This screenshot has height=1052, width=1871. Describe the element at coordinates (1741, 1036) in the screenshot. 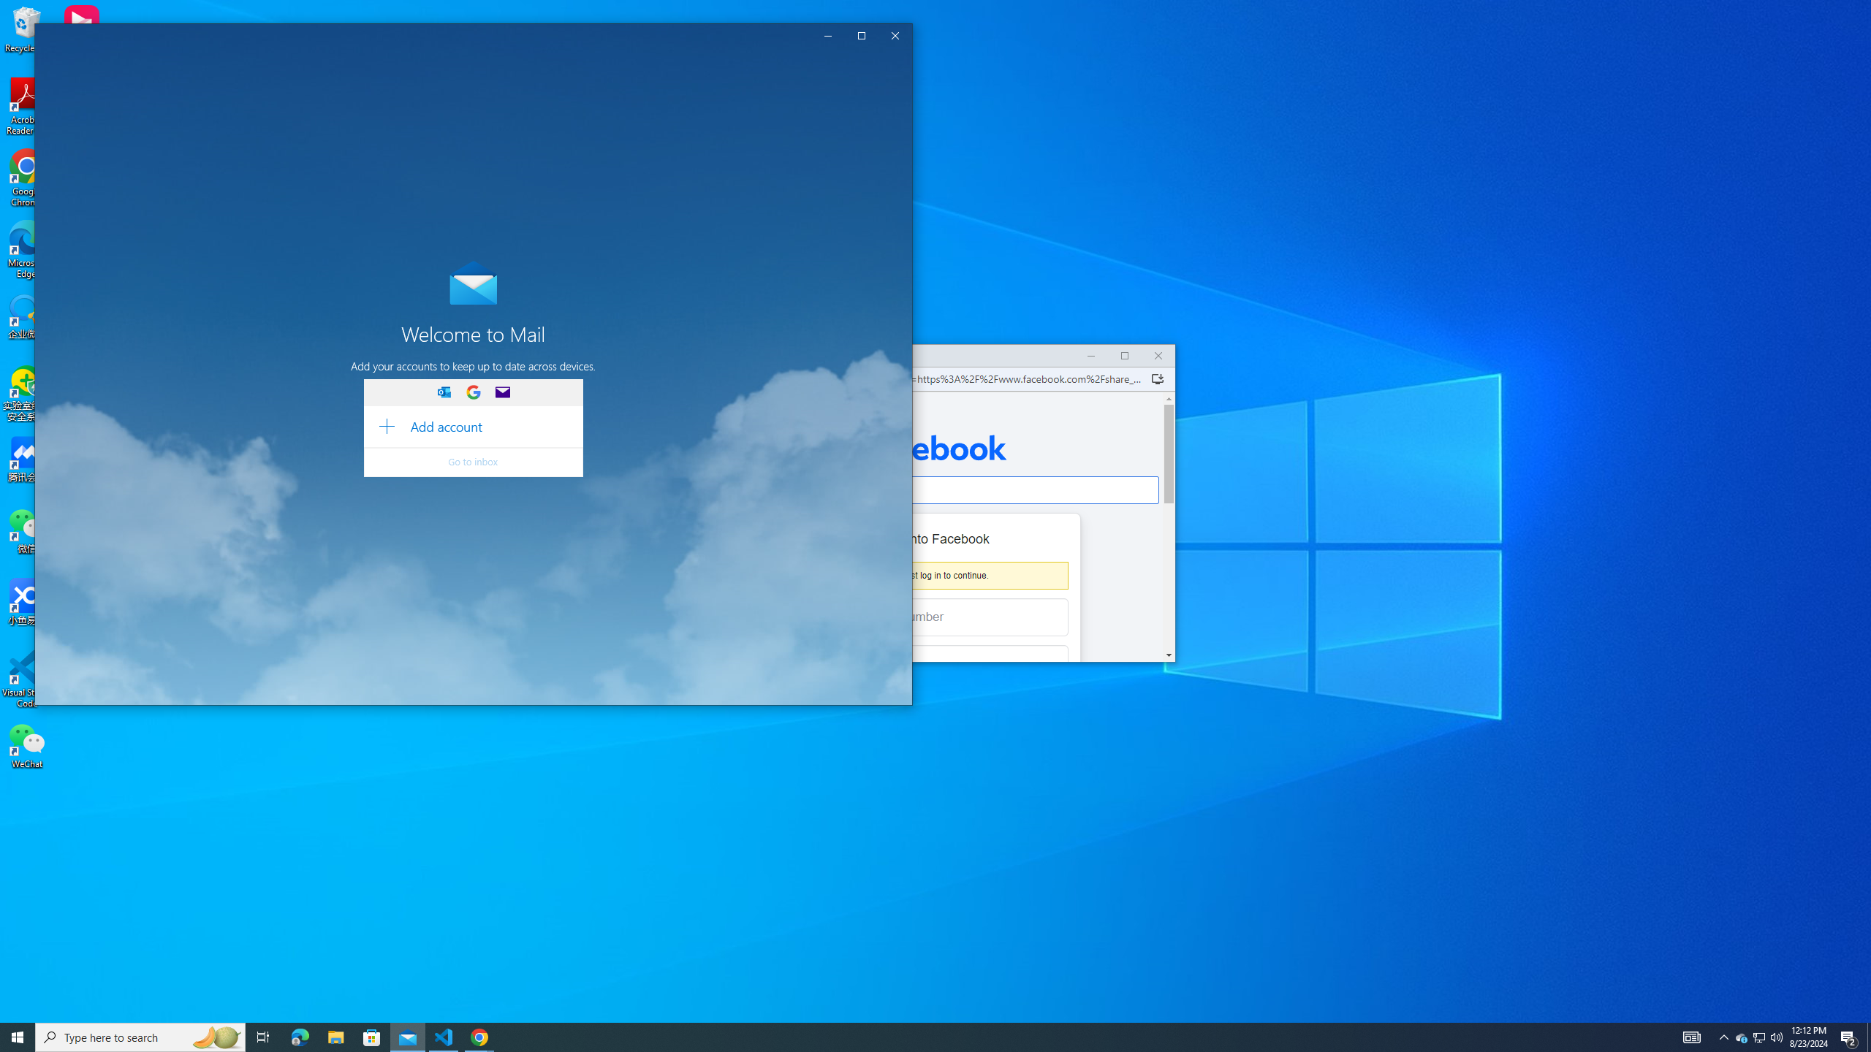

I see `'Switch to People'` at that location.